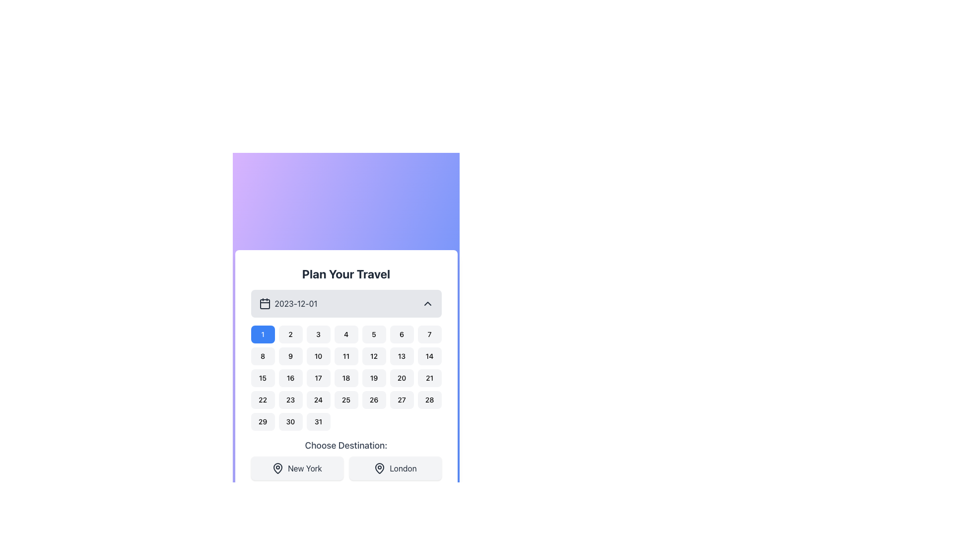  What do you see at coordinates (379, 469) in the screenshot?
I see `map icon within the 'London' button, which is positioned to the right of the 'New York' button in the travel planner interface` at bounding box center [379, 469].